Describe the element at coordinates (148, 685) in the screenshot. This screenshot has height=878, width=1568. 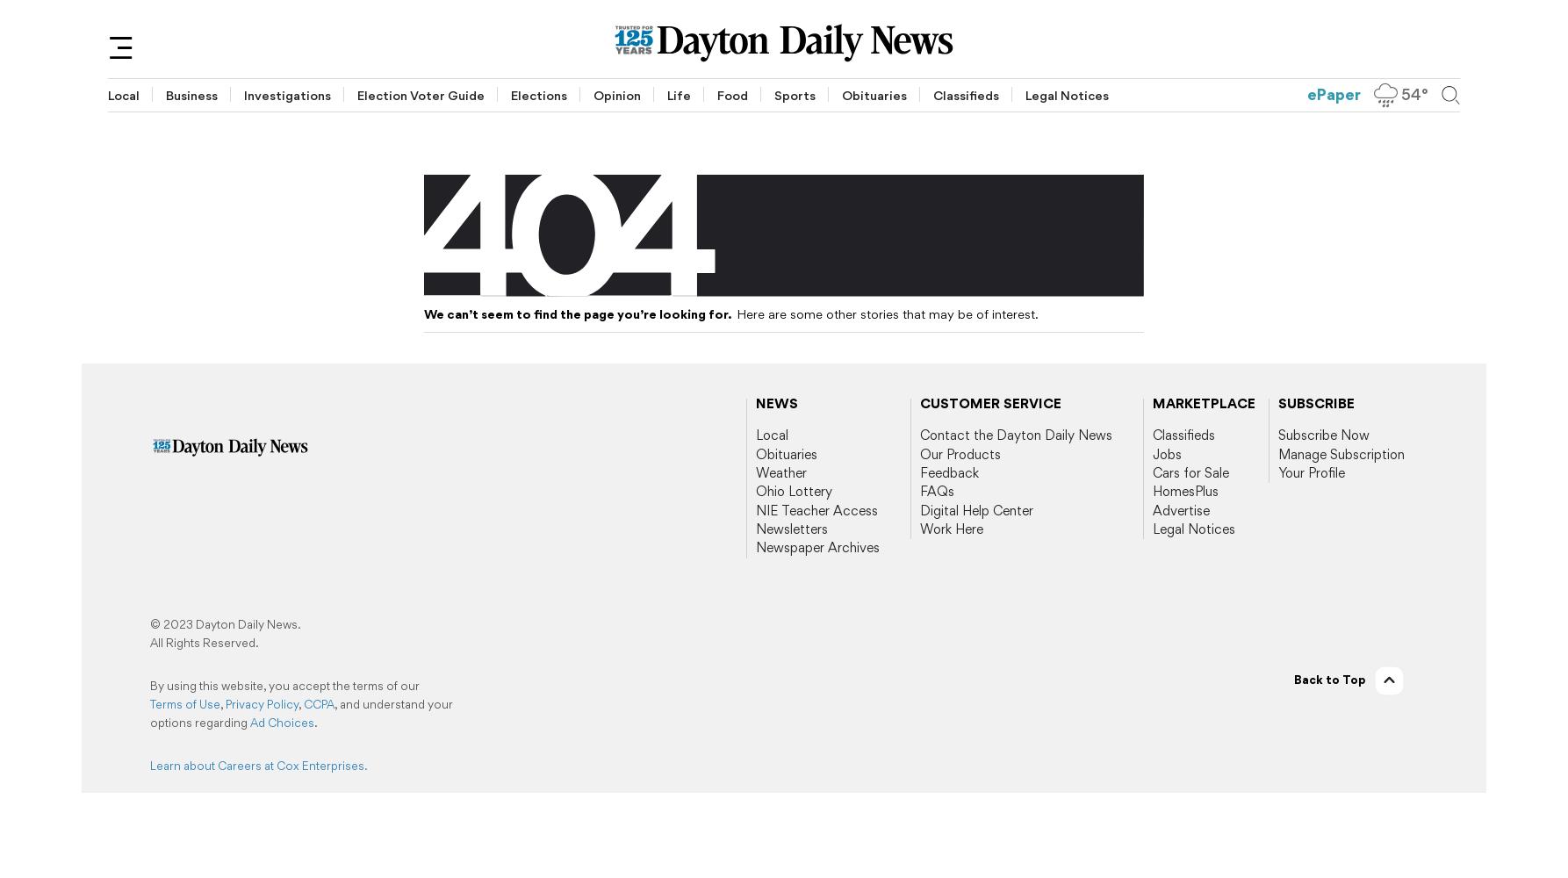
I see `'By using this website, you accept the terms of our'` at that location.